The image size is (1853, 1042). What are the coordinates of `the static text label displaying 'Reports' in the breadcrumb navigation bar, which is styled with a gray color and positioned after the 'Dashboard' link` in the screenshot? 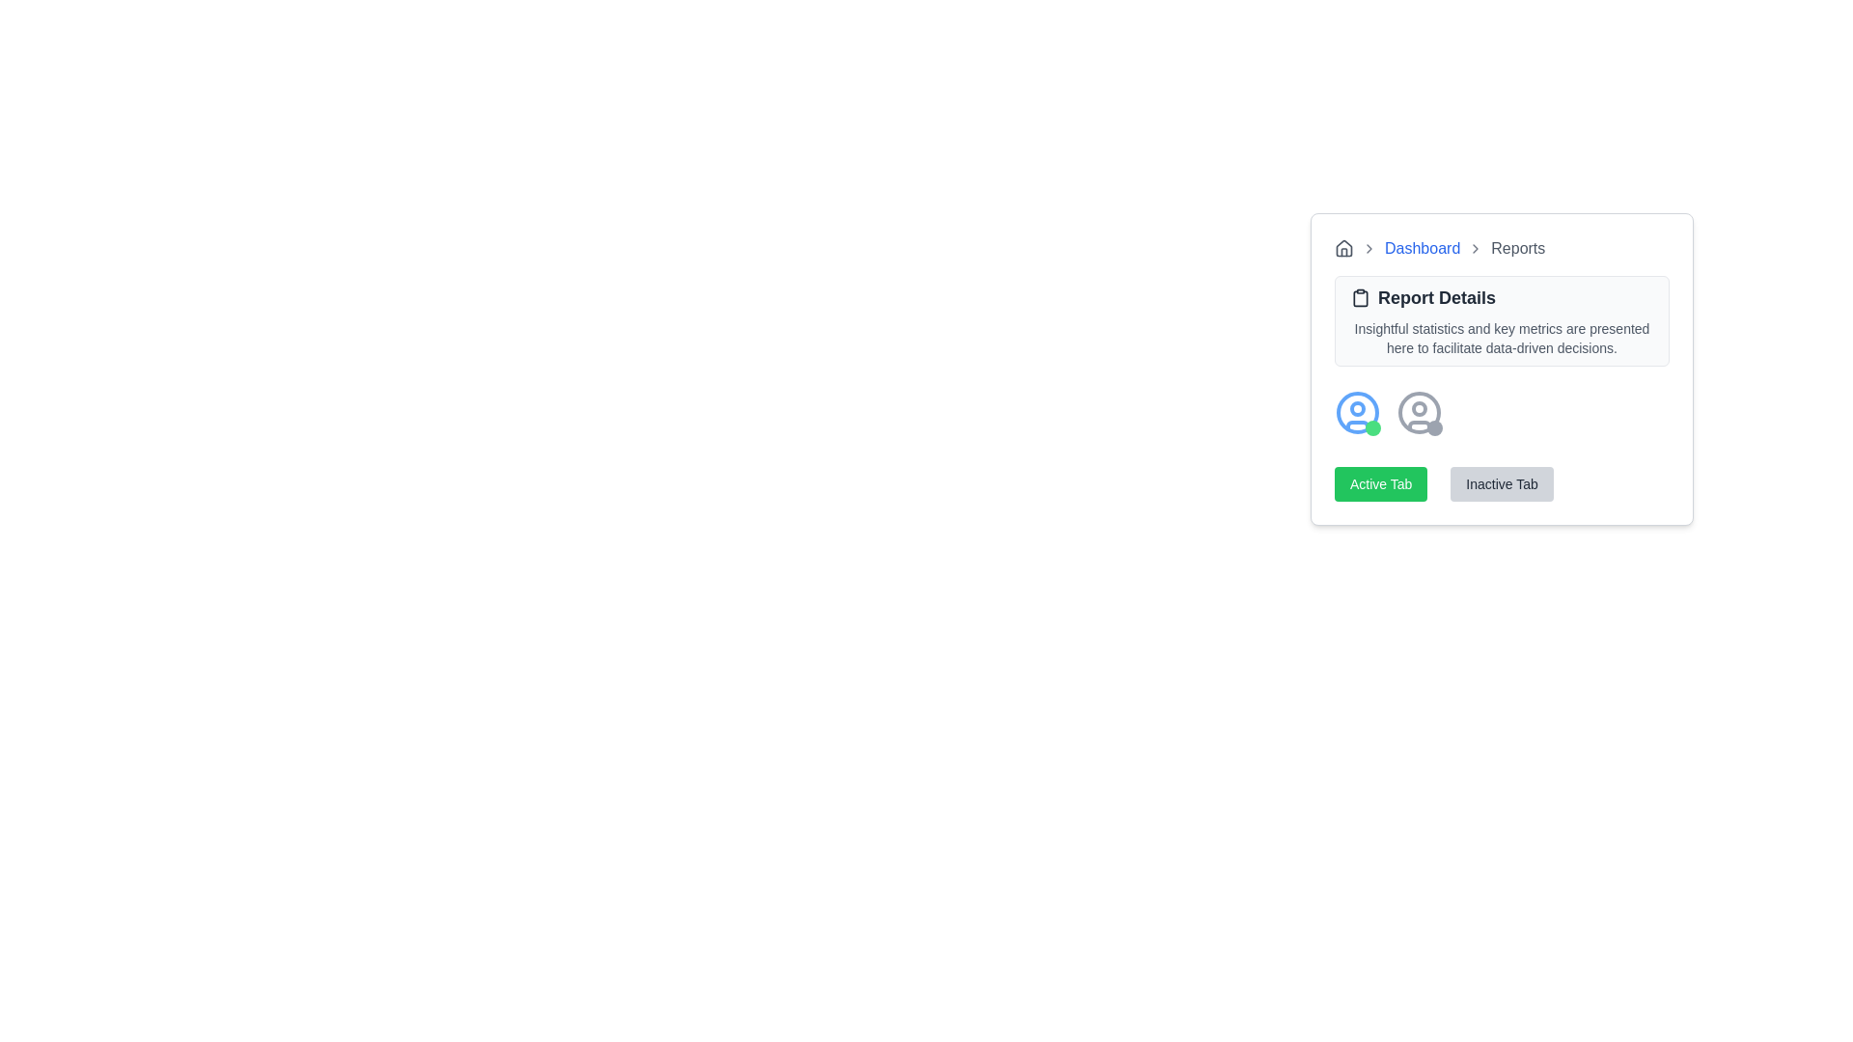 It's located at (1517, 248).